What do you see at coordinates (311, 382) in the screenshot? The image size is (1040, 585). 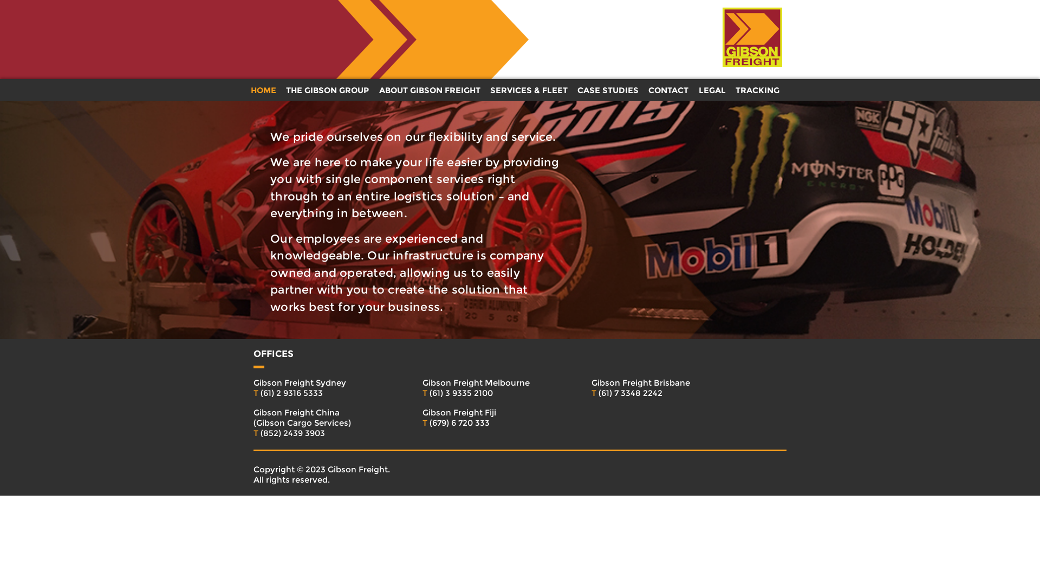 I see `'Gibson Freight Sydney'` at bounding box center [311, 382].